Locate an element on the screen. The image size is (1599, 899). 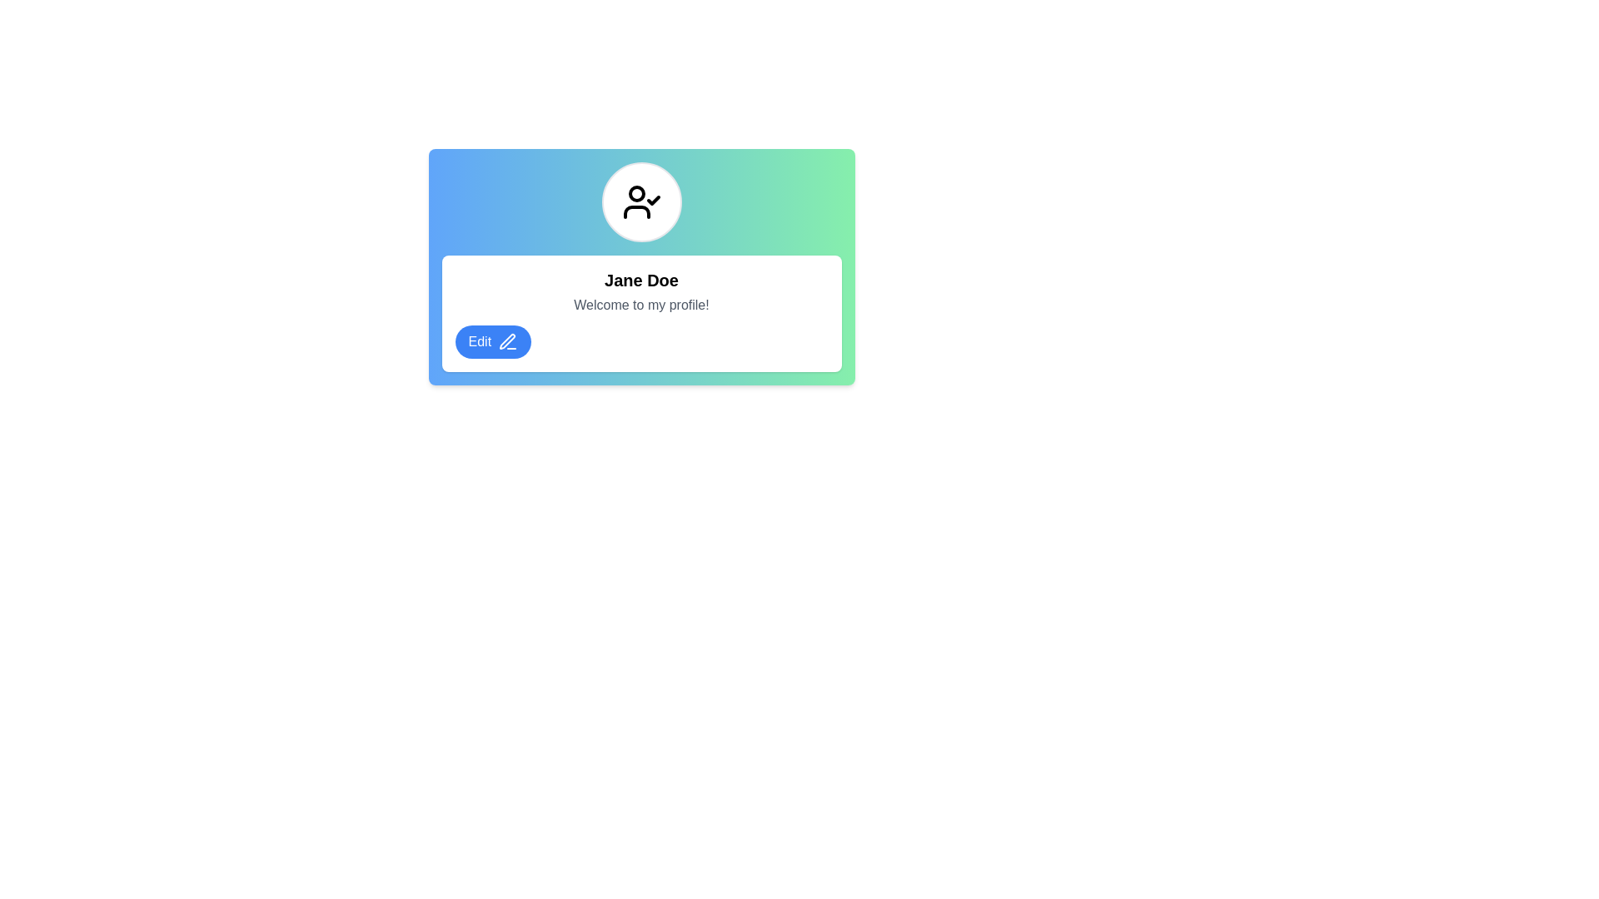
the static text element that reads 'Welcome to my profile!' which is styled in gray and located below the bold text 'Jane Doe' is located at coordinates (640, 305).